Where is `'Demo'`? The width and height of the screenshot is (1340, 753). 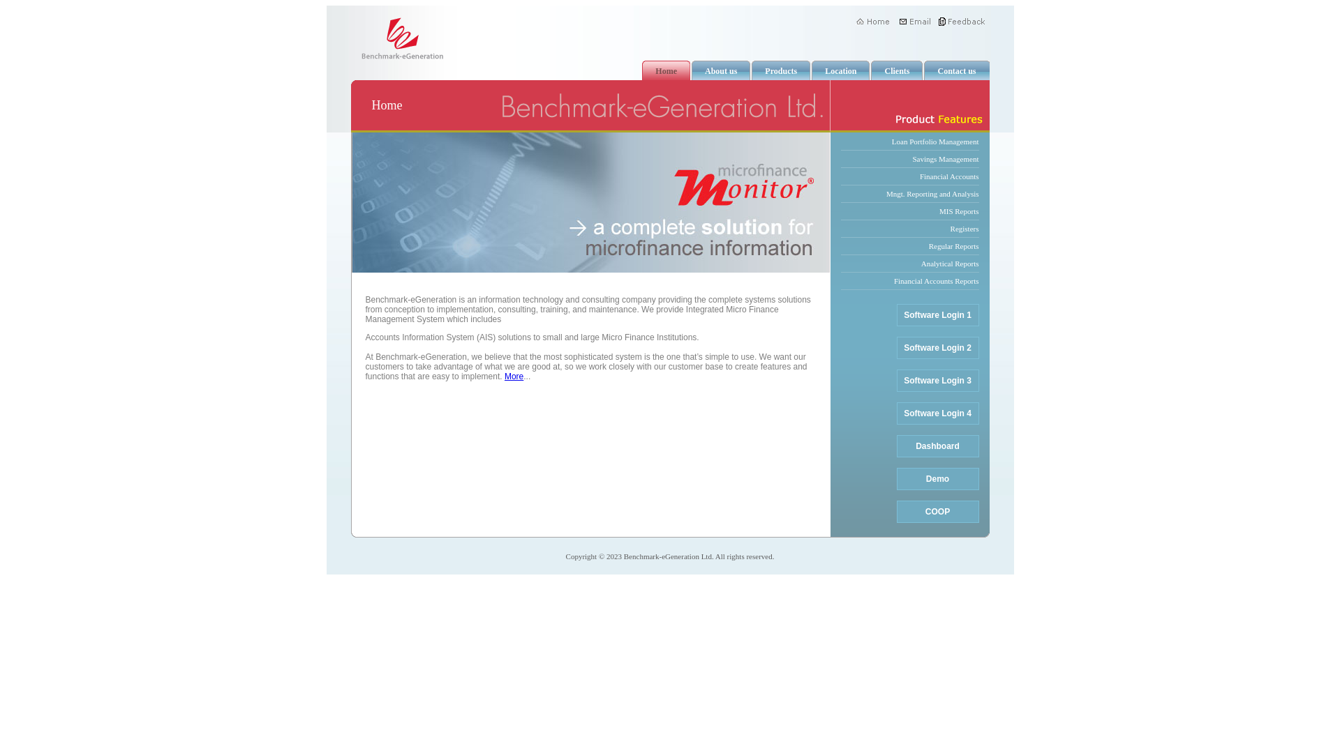
'Demo' is located at coordinates (937, 478).